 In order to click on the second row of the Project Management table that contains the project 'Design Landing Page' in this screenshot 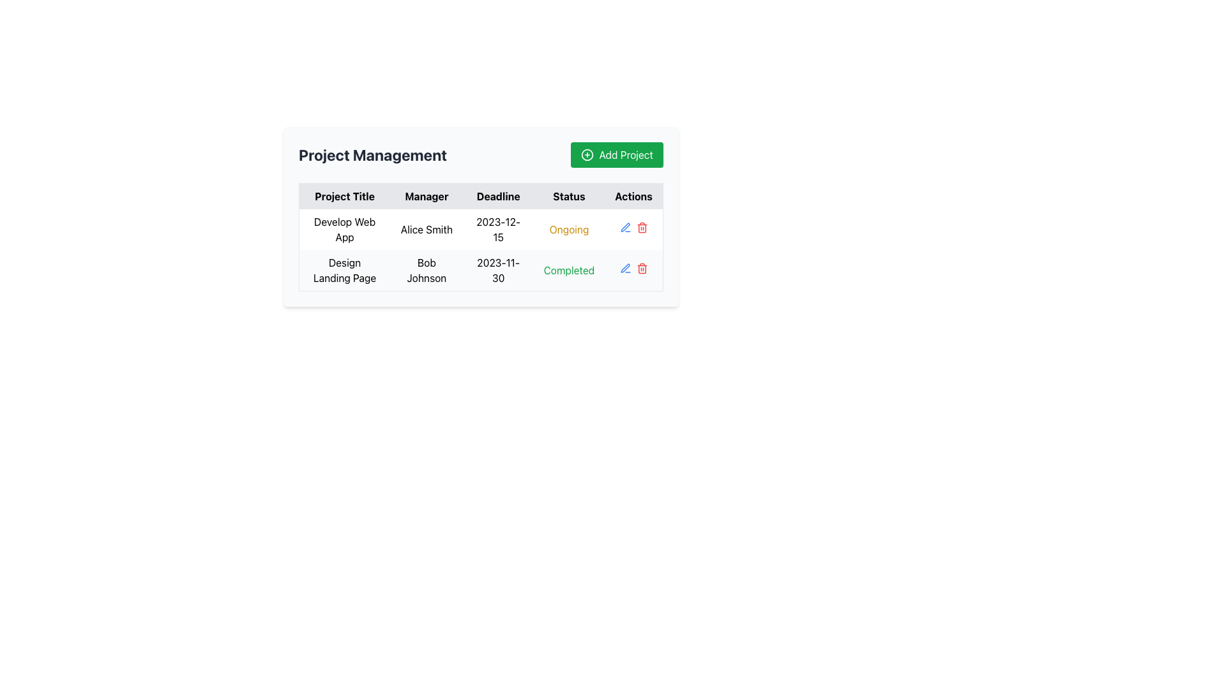, I will do `click(480, 270)`.